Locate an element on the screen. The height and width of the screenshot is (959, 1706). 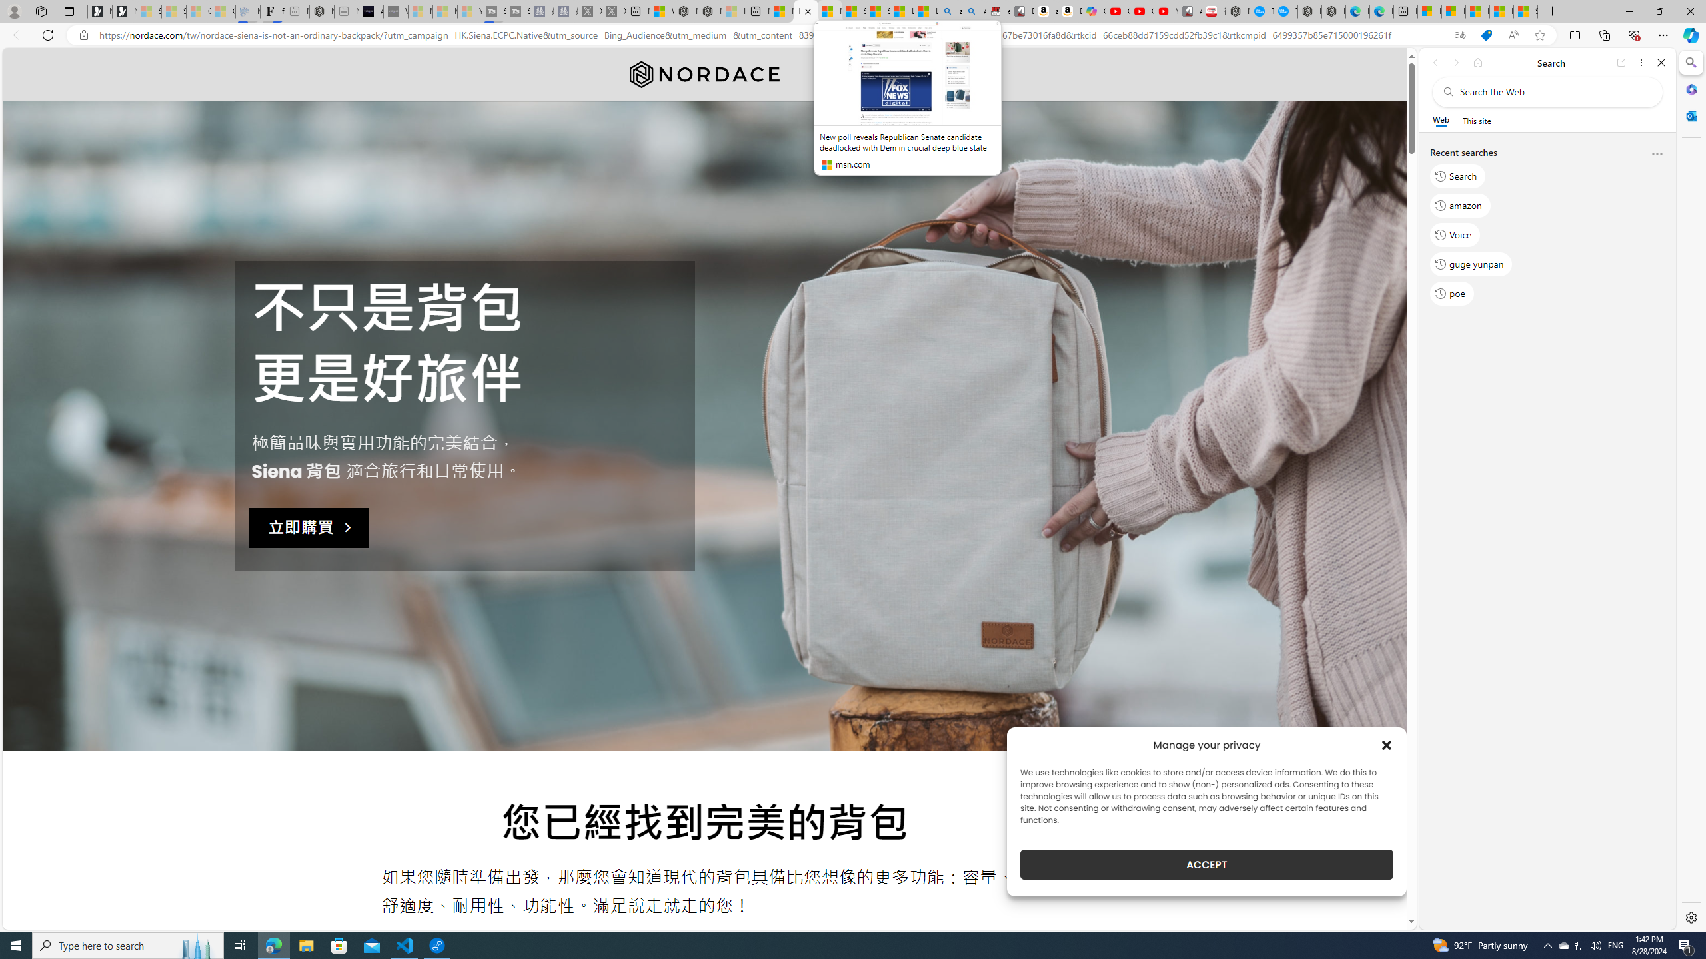
'I Gained 20 Pounds of Muscle in 30 Days! | Watch' is located at coordinates (1502, 11).